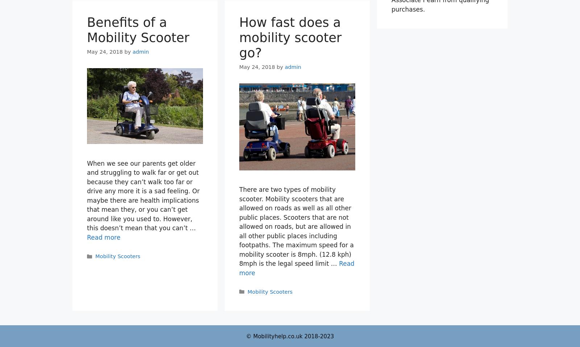  What do you see at coordinates (138, 29) in the screenshot?
I see `'Benefits of a Mobility Scooter'` at bounding box center [138, 29].